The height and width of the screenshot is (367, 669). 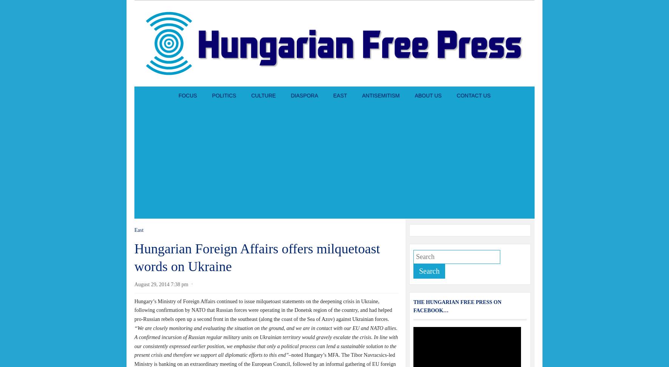 What do you see at coordinates (380, 96) in the screenshot?
I see `'Antisemitism'` at bounding box center [380, 96].